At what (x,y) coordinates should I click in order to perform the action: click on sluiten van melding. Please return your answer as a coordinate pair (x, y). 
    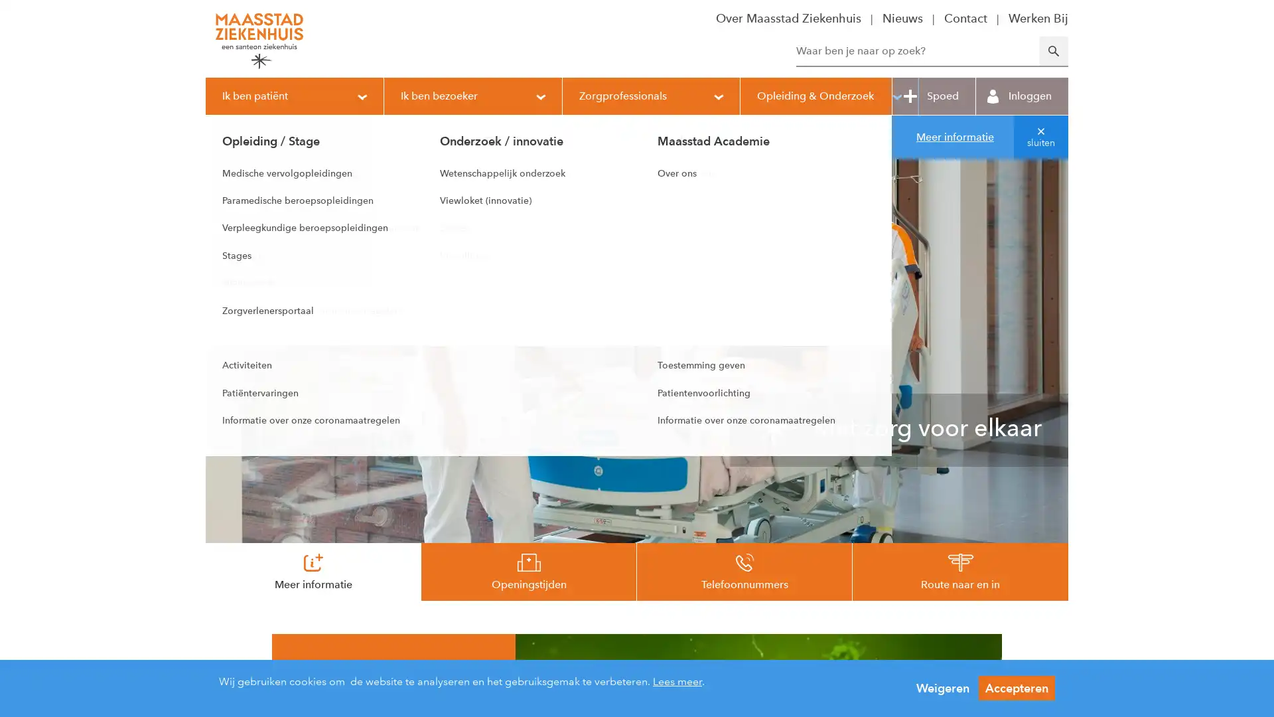
    Looking at the image, I should click on (1040, 137).